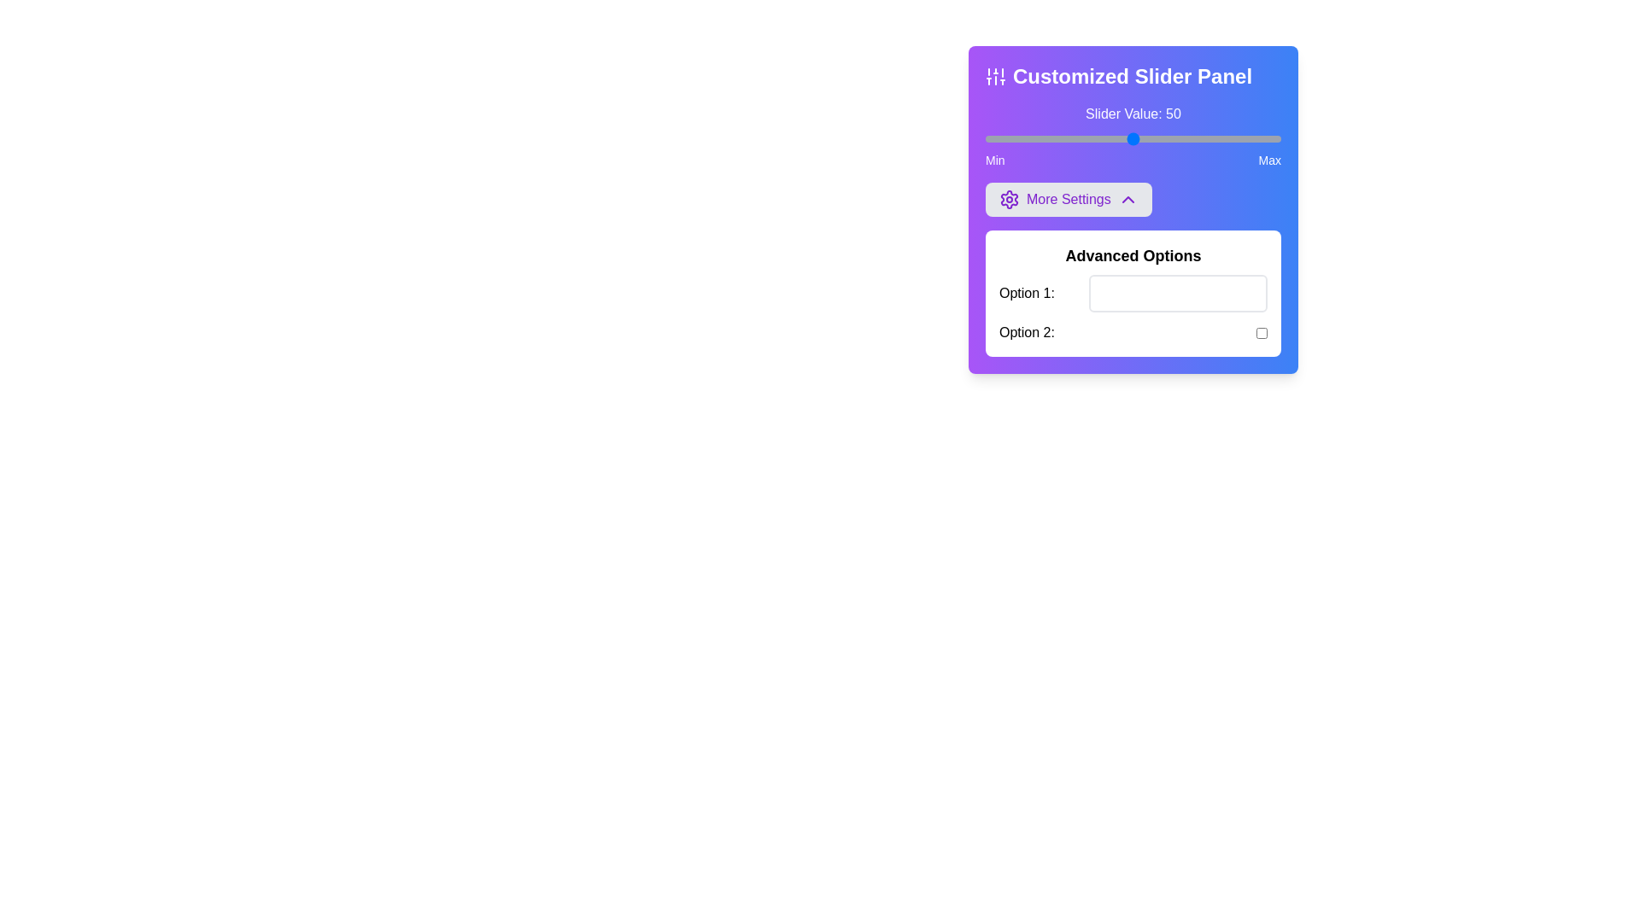  Describe the element at coordinates (1133, 114) in the screenshot. I see `the text label displaying 'Slider Value: 50', which is positioned above the slider component` at that location.